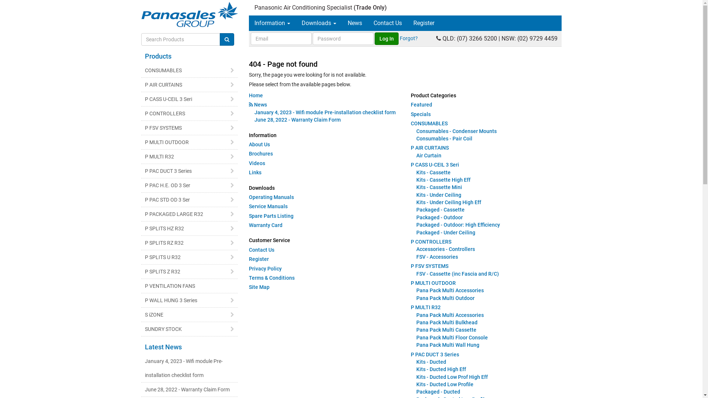 The height and width of the screenshot is (398, 708). Describe the element at coordinates (189, 257) in the screenshot. I see `'P SPLITS U R32'` at that location.